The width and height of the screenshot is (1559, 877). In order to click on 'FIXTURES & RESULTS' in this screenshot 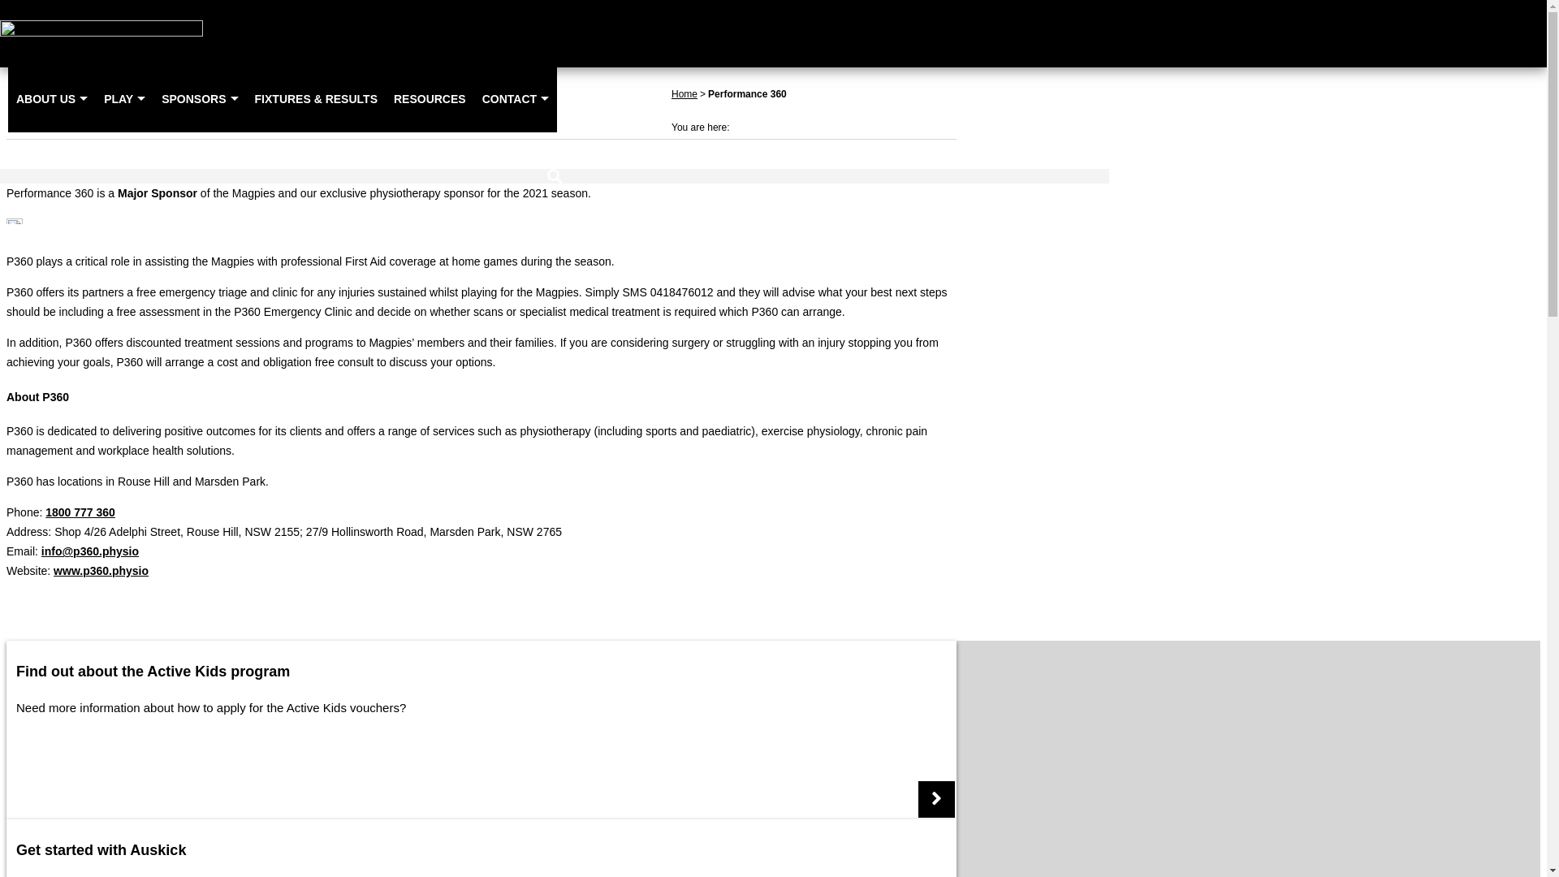, I will do `click(316, 98)`.